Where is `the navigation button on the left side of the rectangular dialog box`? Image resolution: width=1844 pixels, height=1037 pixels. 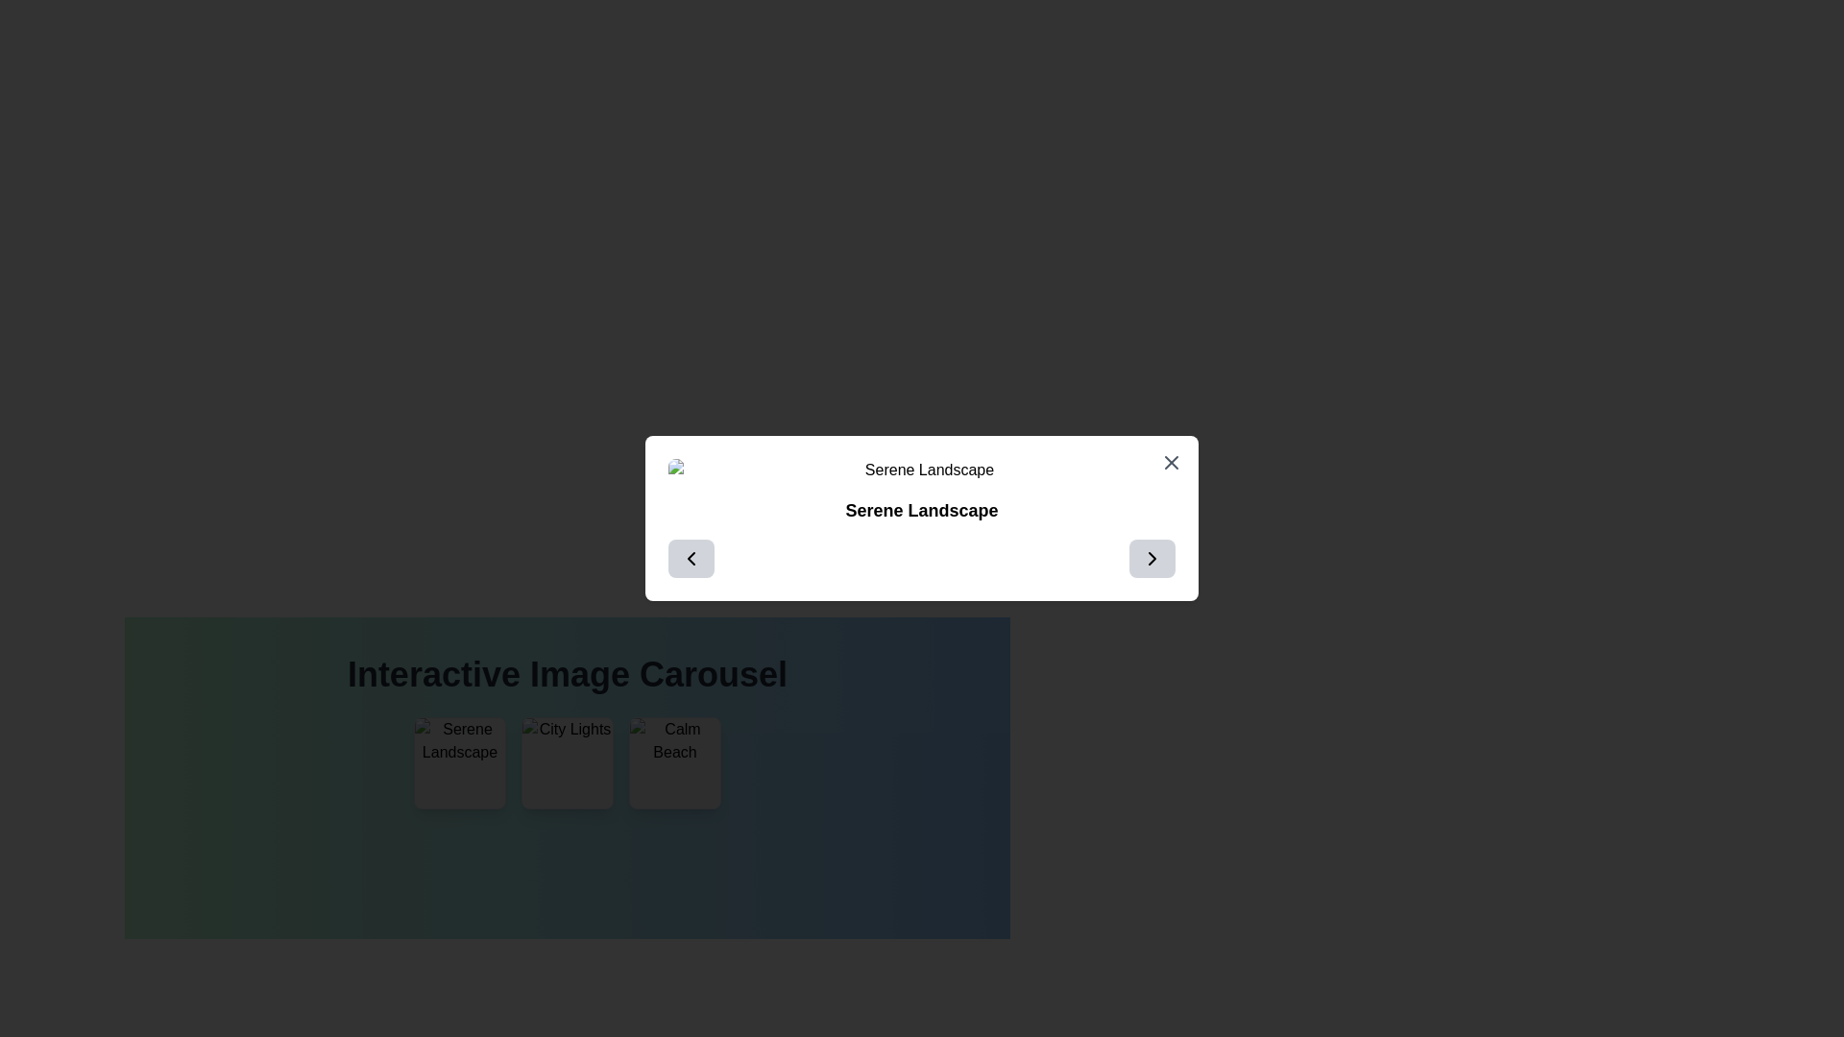
the navigation button on the left side of the rectangular dialog box is located at coordinates (691, 559).